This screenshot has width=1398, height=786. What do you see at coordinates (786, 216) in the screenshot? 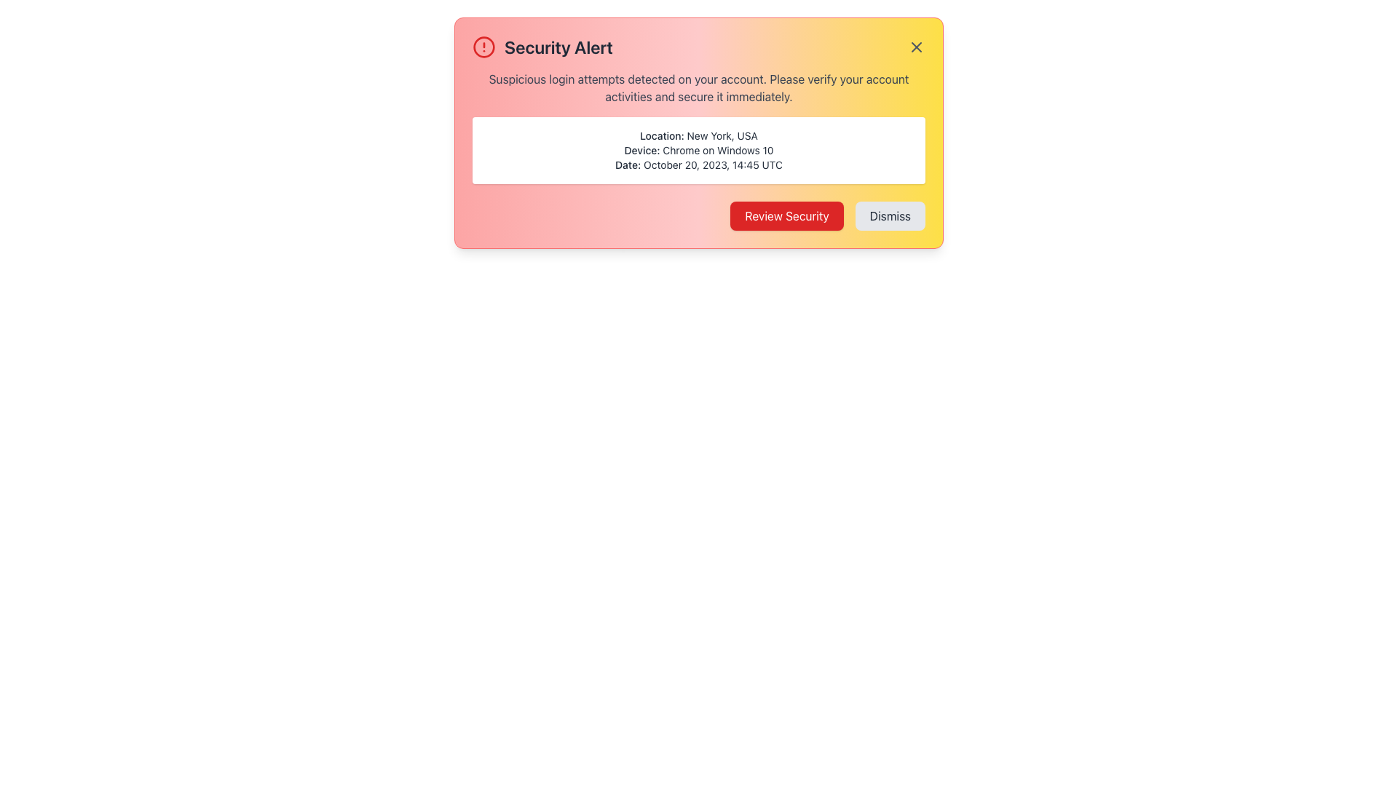
I see `the 'Review Security' button, which is a rounded button with a red background and white text located in the bottom-right section of the alert box` at bounding box center [786, 216].